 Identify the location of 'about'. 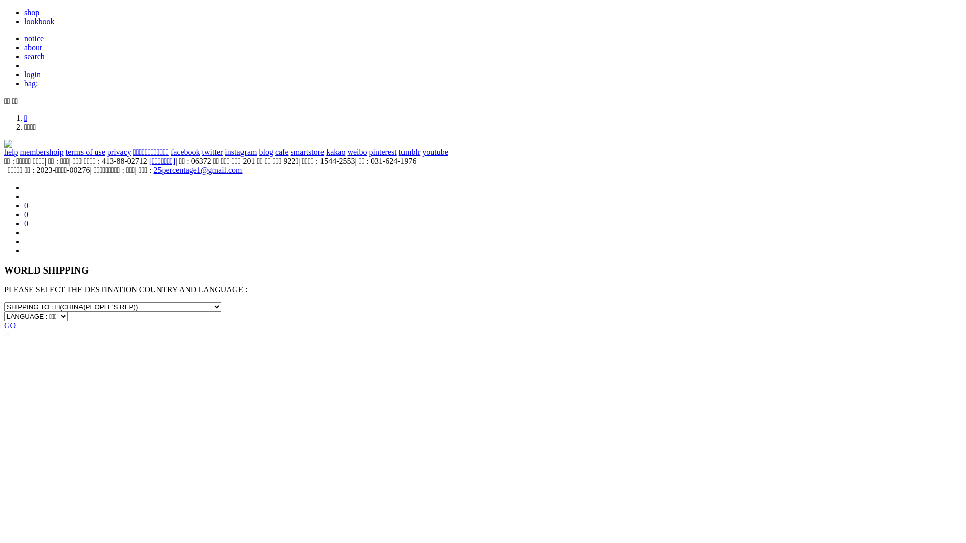
(33, 47).